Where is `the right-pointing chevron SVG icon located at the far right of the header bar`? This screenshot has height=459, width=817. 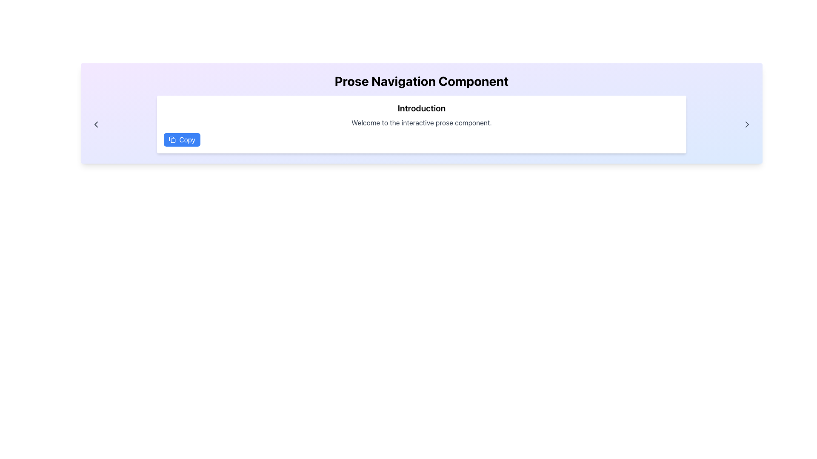 the right-pointing chevron SVG icon located at the far right of the header bar is located at coordinates (747, 125).